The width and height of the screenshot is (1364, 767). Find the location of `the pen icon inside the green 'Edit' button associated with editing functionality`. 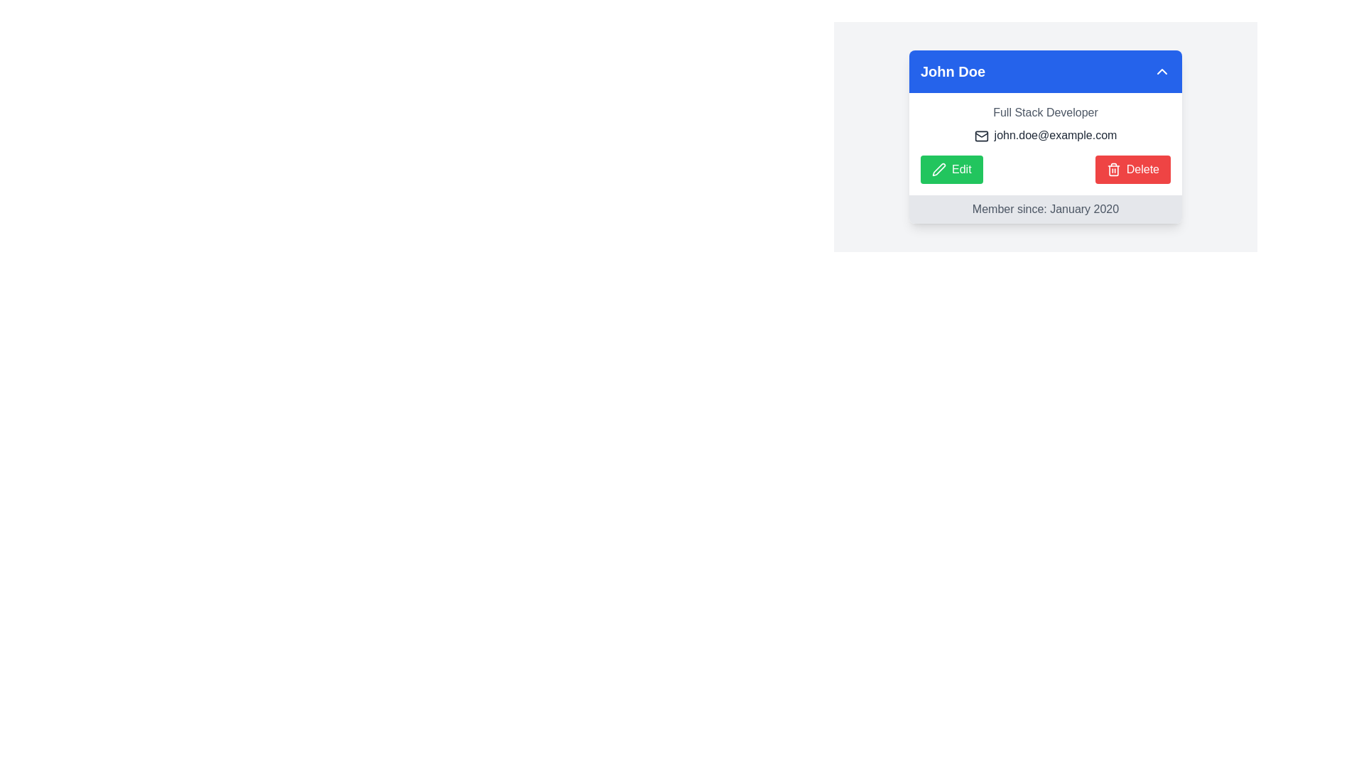

the pen icon inside the green 'Edit' button associated with editing functionality is located at coordinates (938, 169).